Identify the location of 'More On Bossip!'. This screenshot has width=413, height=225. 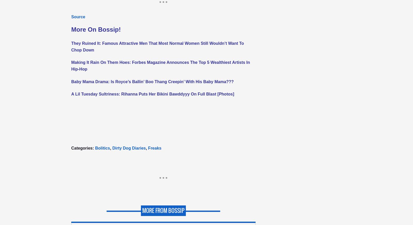
(96, 29).